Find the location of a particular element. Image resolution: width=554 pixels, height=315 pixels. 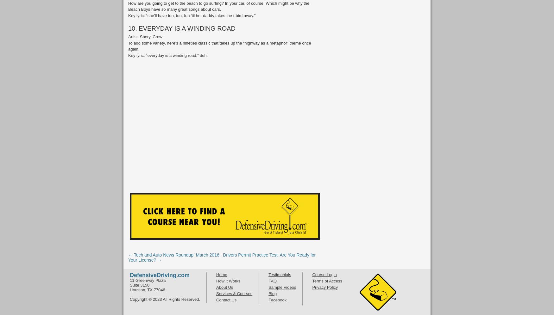

'How it Works' is located at coordinates (228, 280).